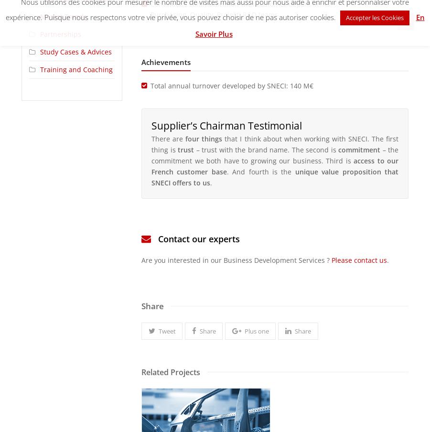  I want to click on 'trust', so click(185, 150).